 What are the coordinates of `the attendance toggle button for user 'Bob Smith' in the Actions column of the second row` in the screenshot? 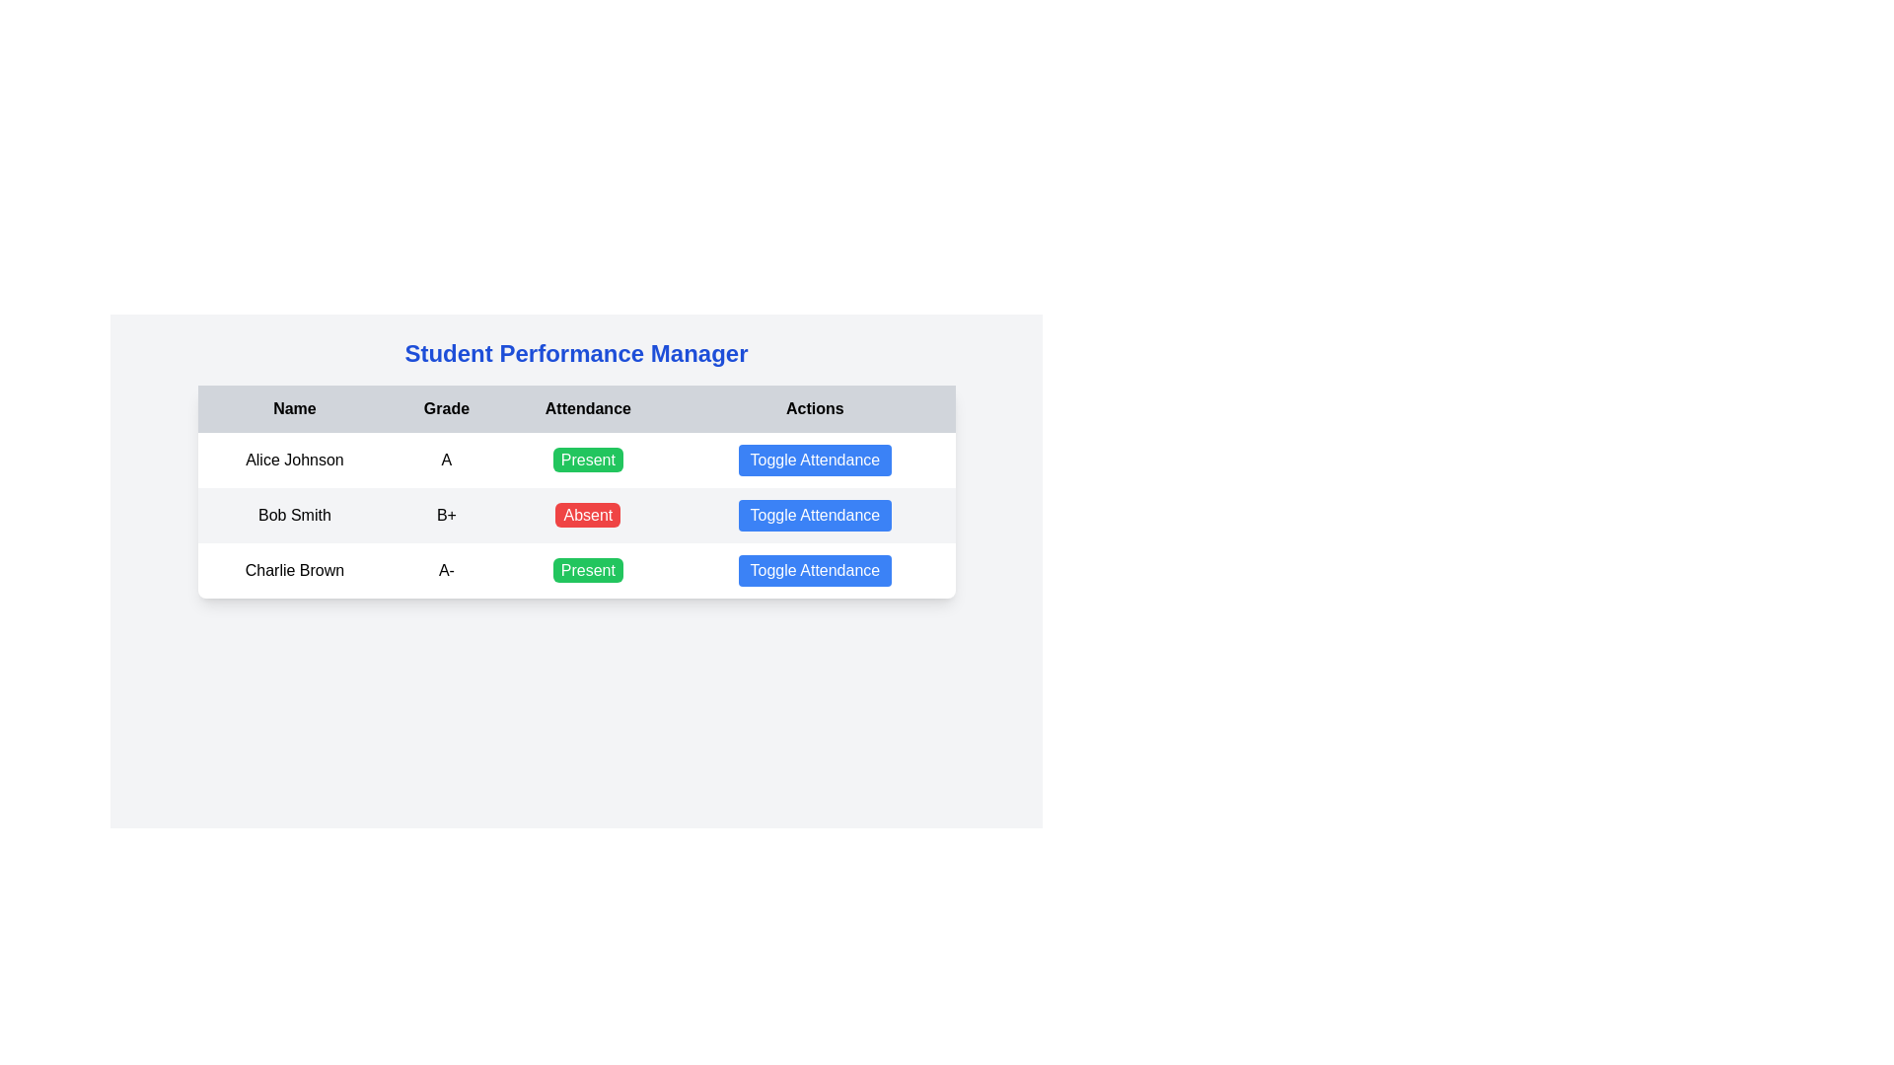 It's located at (815, 515).